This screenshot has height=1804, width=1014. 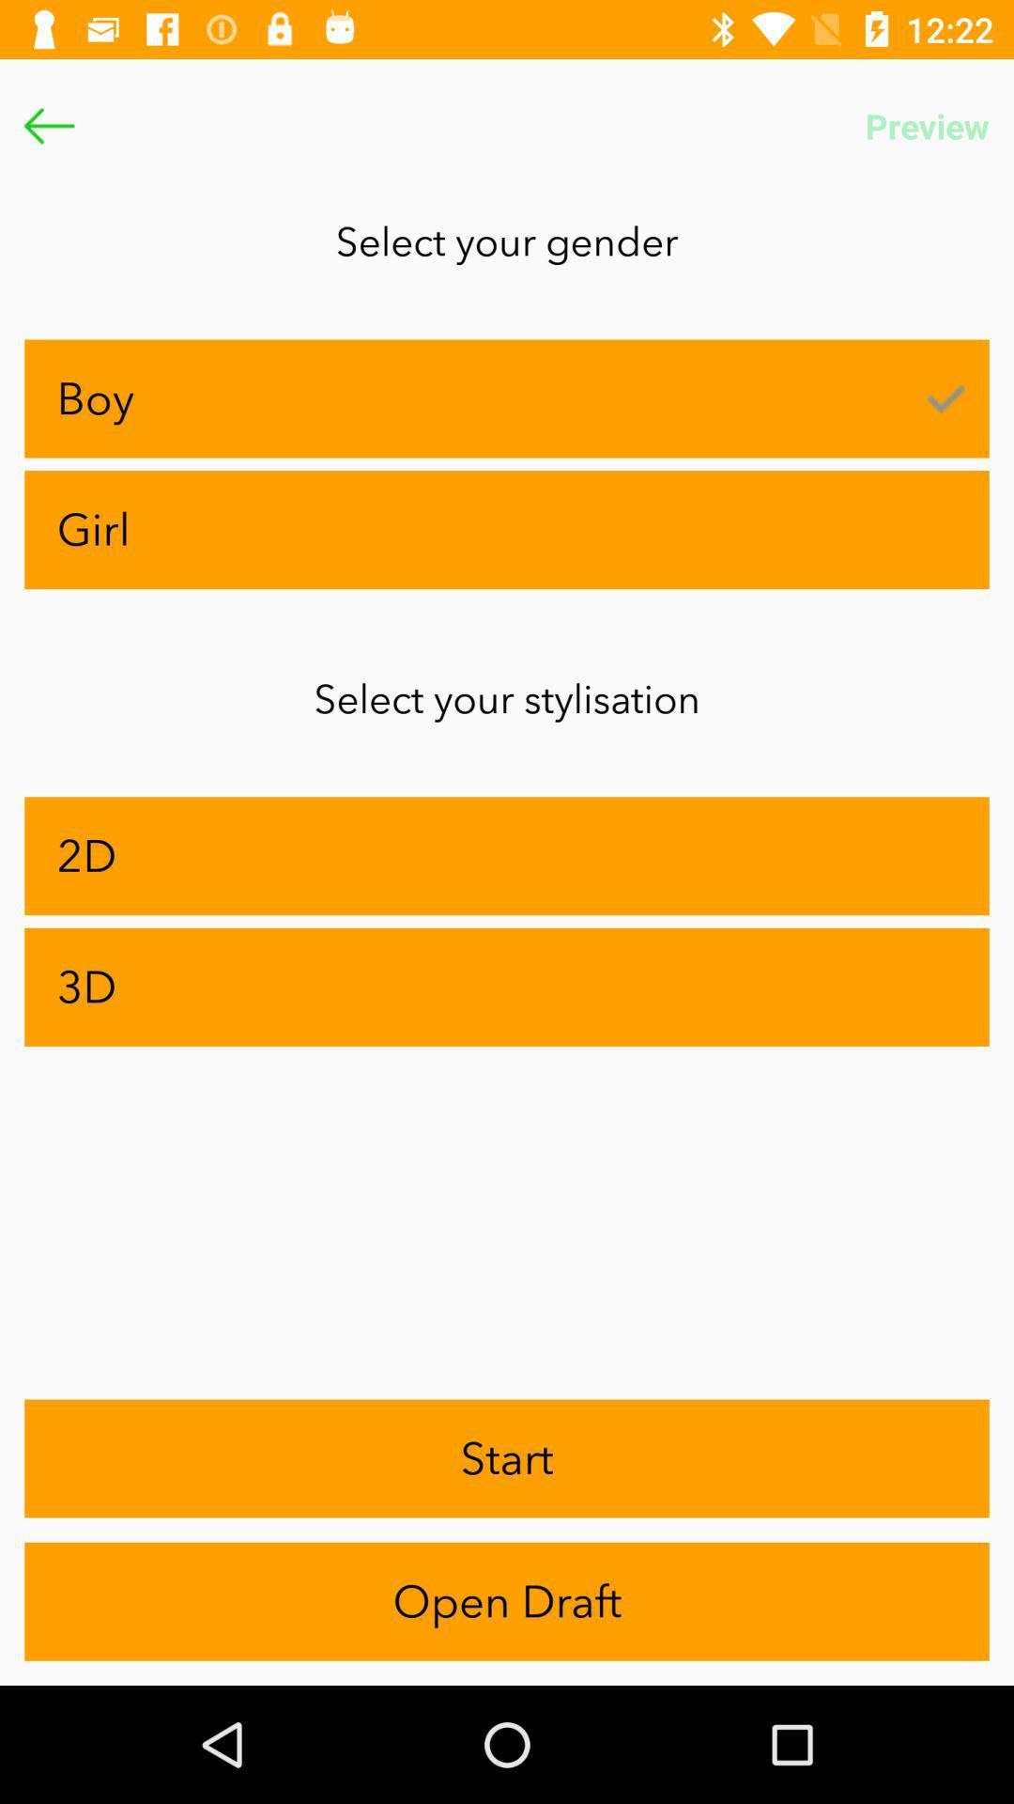 What do you see at coordinates (48, 125) in the screenshot?
I see `the arrow_backward icon` at bounding box center [48, 125].